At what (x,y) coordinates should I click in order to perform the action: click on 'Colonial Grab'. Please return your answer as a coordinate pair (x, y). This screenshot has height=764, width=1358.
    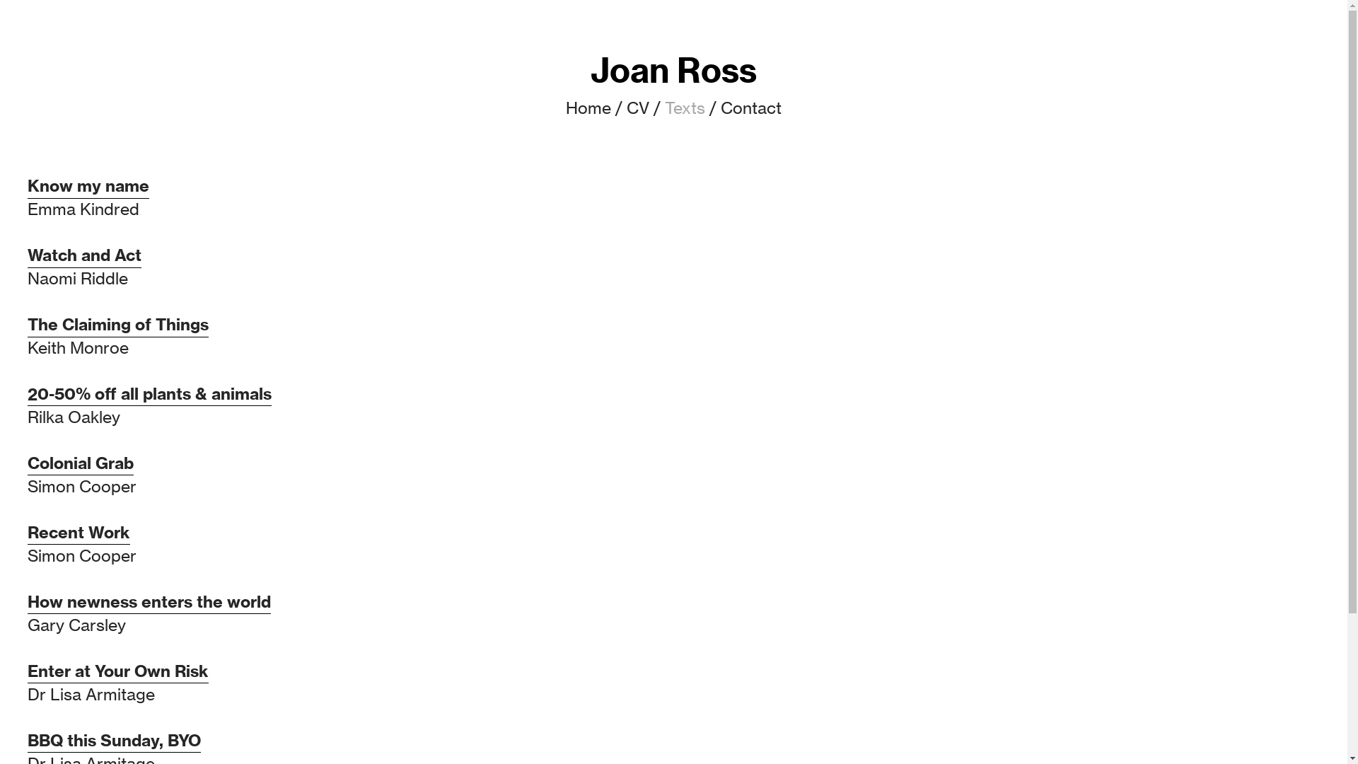
    Looking at the image, I should click on (27, 463).